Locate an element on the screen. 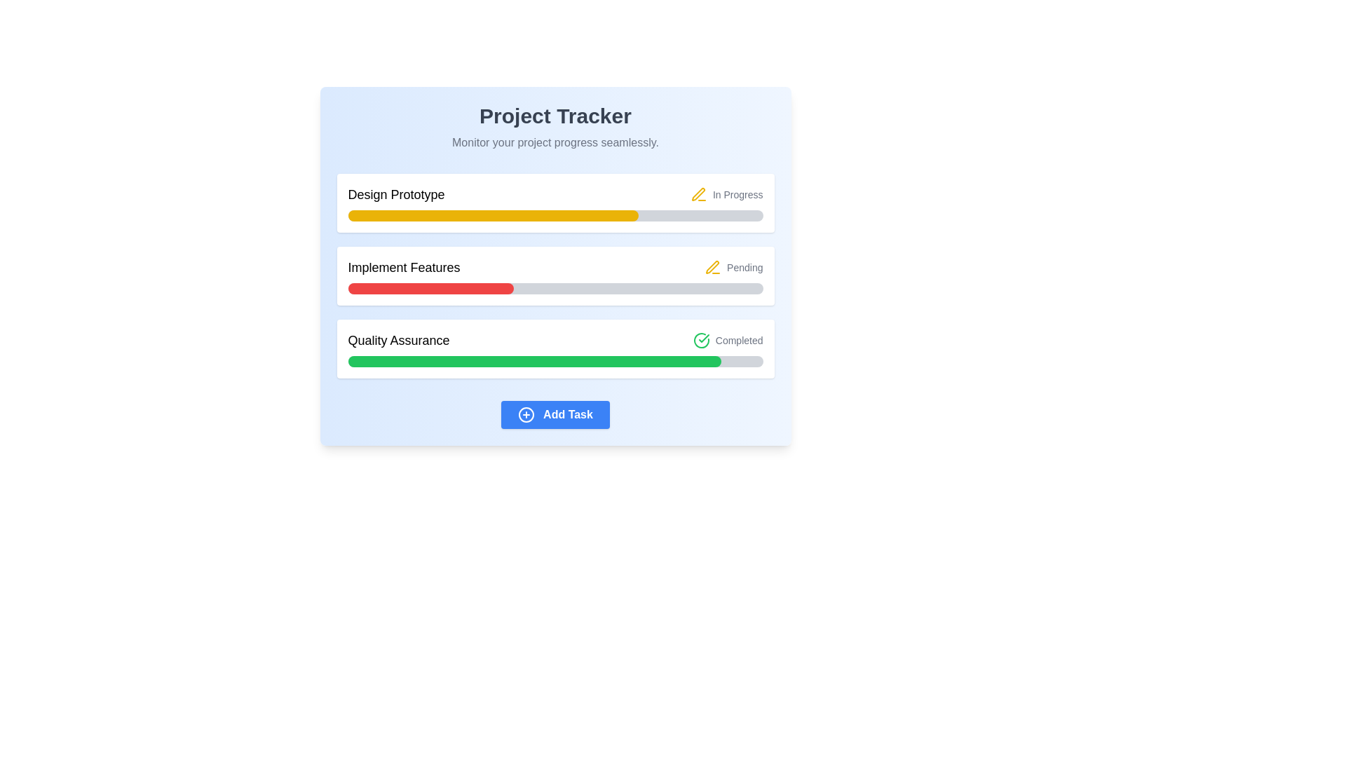 The height and width of the screenshot is (757, 1346). the 'In Progress' text label located in the top-right corner of the 'Design Prototype' task row, adjacent to the yellow progress bar and pencil icon is located at coordinates (737, 194).